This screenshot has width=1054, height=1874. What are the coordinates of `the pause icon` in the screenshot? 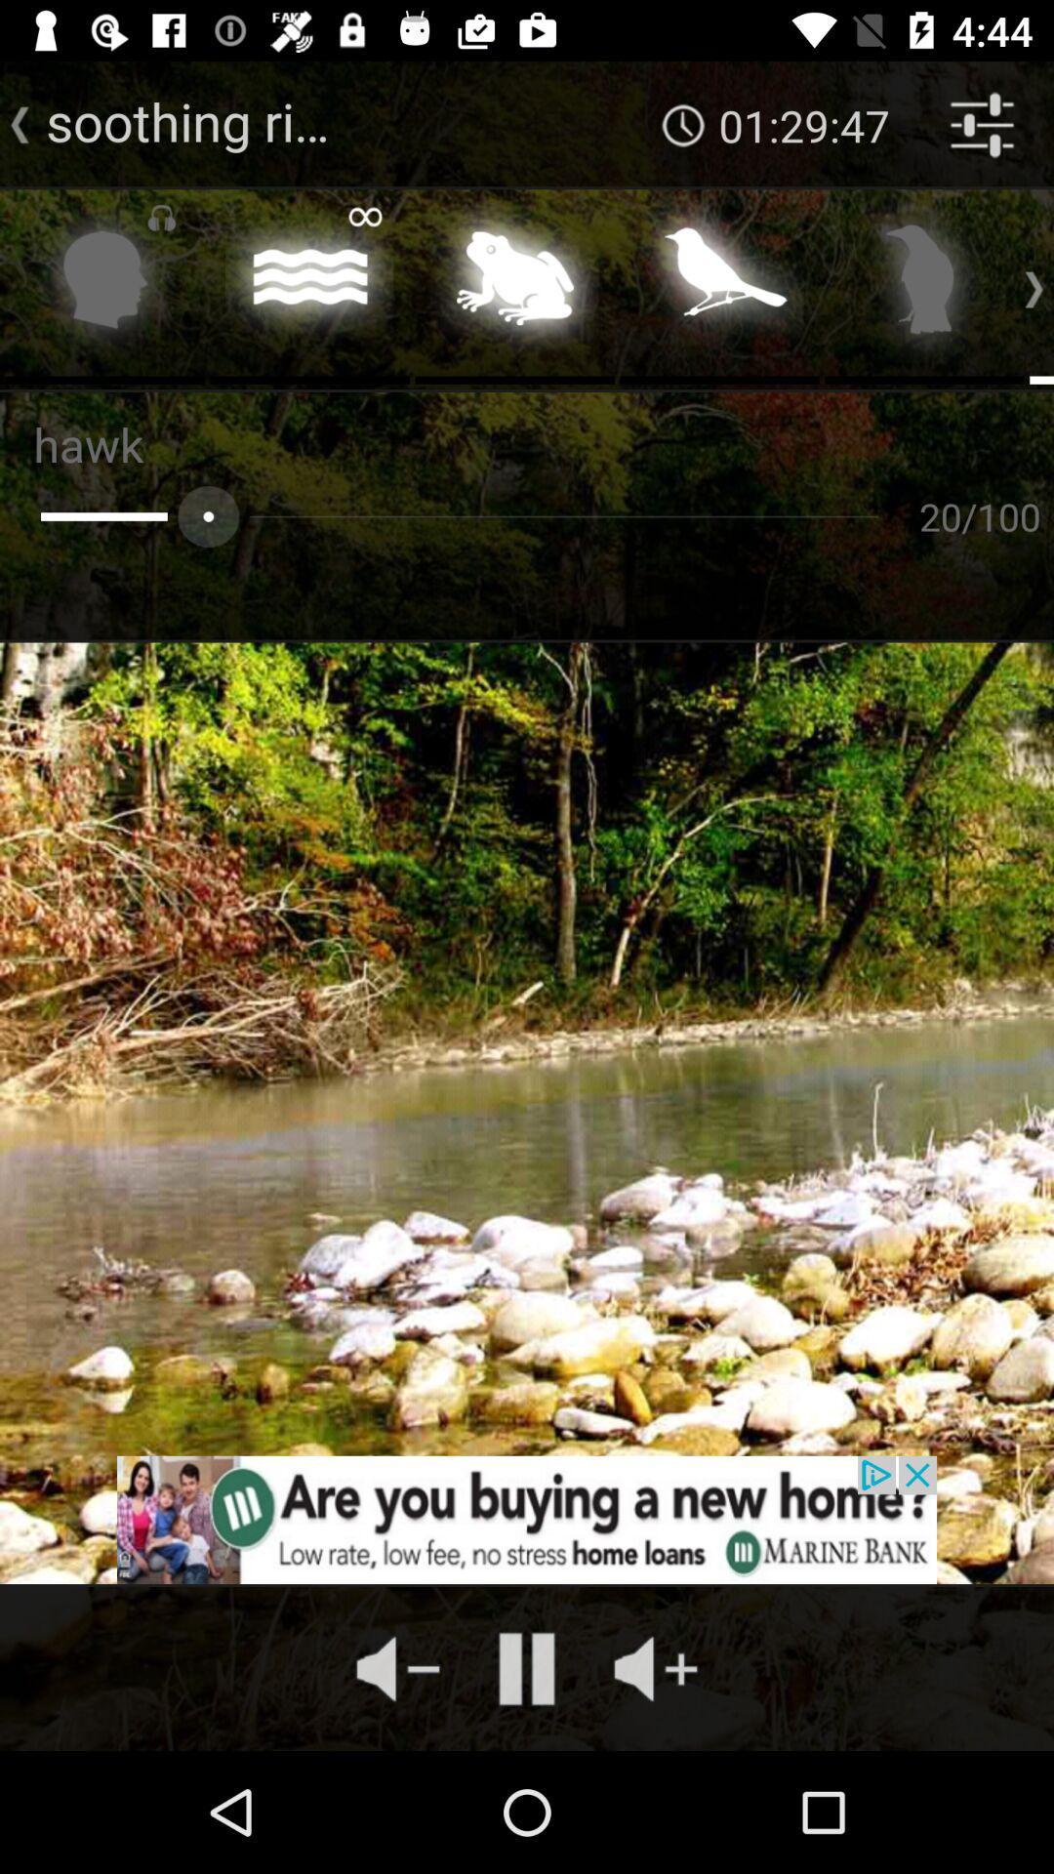 It's located at (527, 1667).